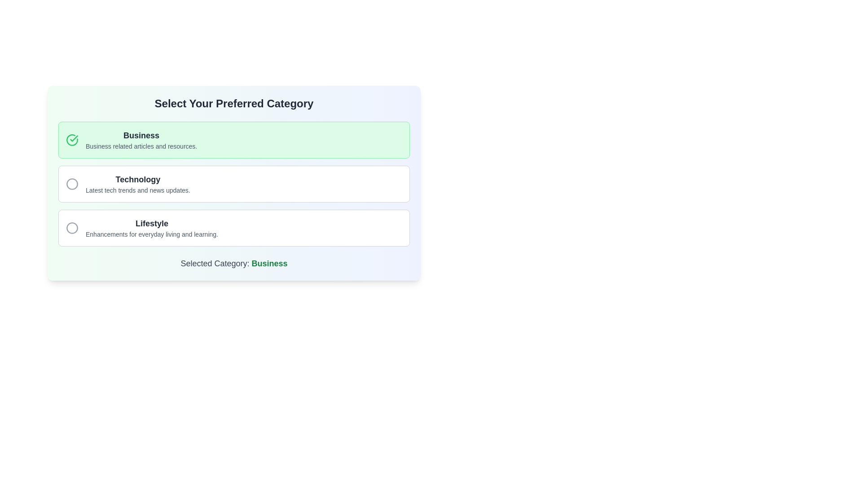  What do you see at coordinates (141, 146) in the screenshot?
I see `the Text Label displaying 'Business related articles and resources.' which is positioned below the title 'Business'` at bounding box center [141, 146].